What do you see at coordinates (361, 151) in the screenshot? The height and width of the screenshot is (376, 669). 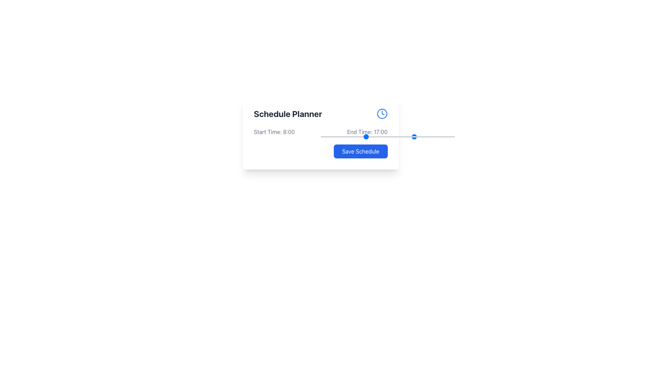 I see `the save button located at the bottom-right corner of the 'Schedule Planner' component` at bounding box center [361, 151].